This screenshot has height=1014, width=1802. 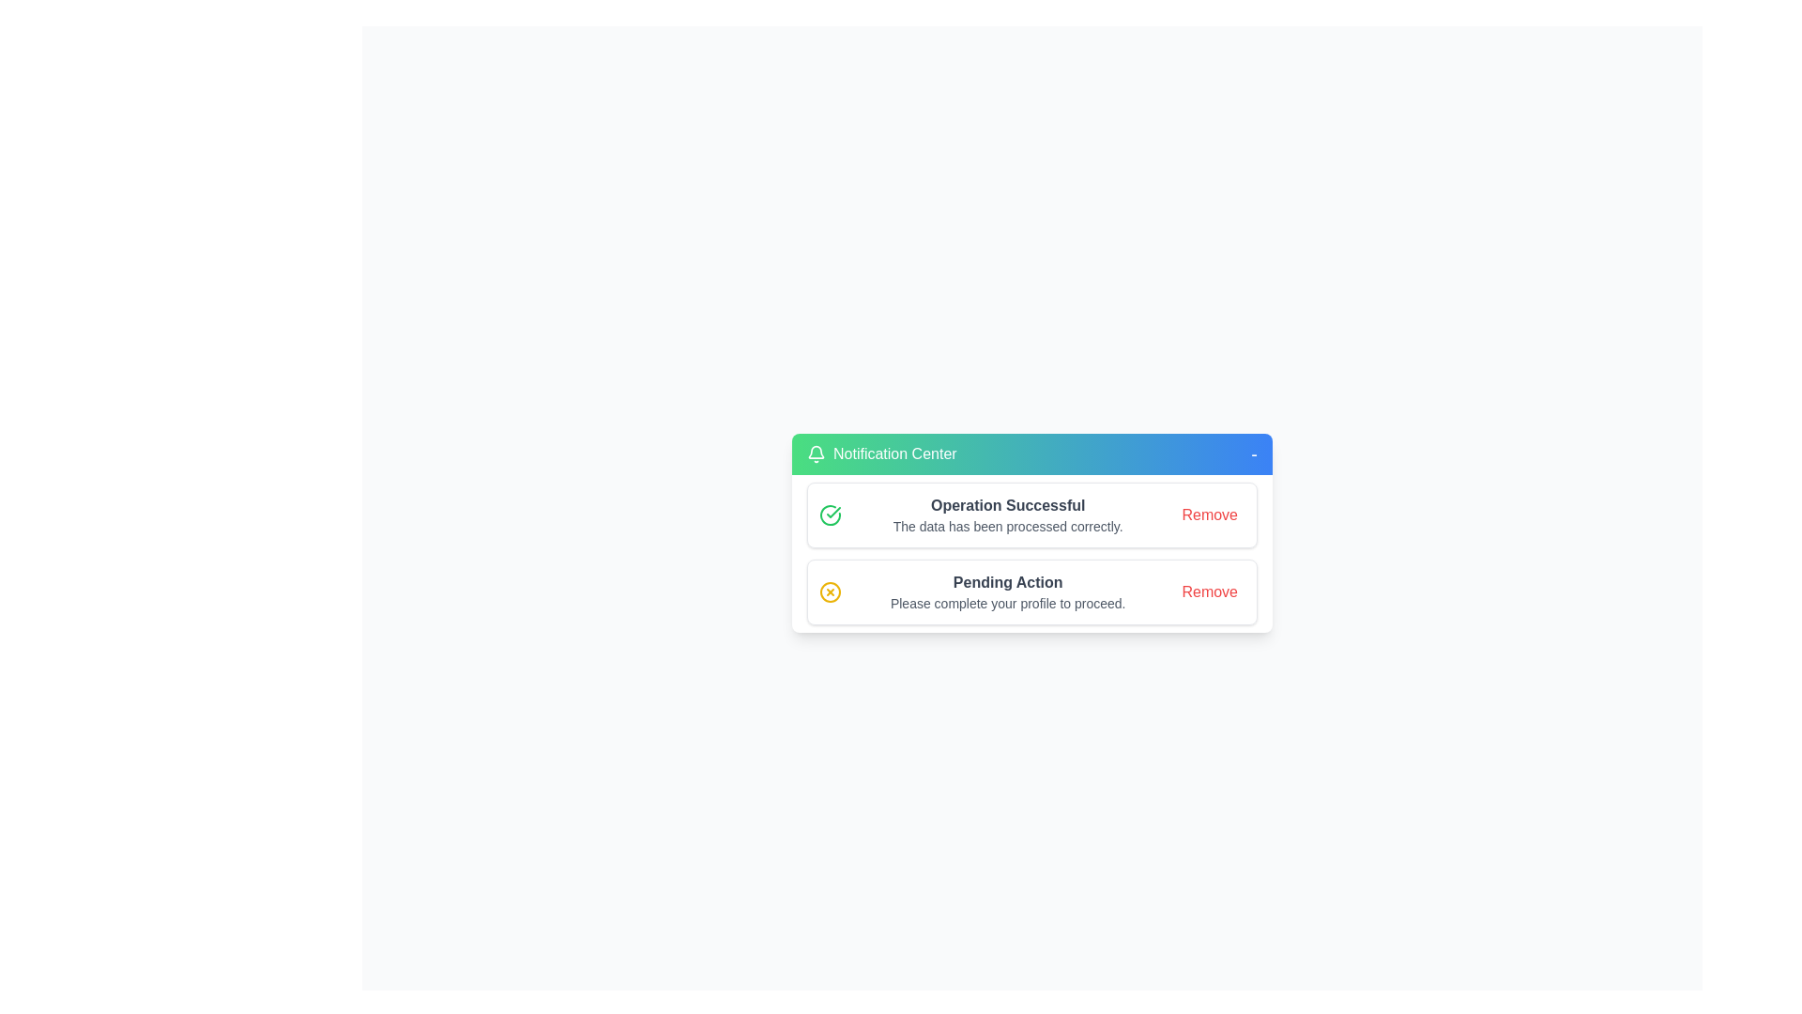 What do you see at coordinates (1007, 582) in the screenshot?
I see `the text label indicating a pending action in the Notification Center, positioned below 'Operation Successful'` at bounding box center [1007, 582].